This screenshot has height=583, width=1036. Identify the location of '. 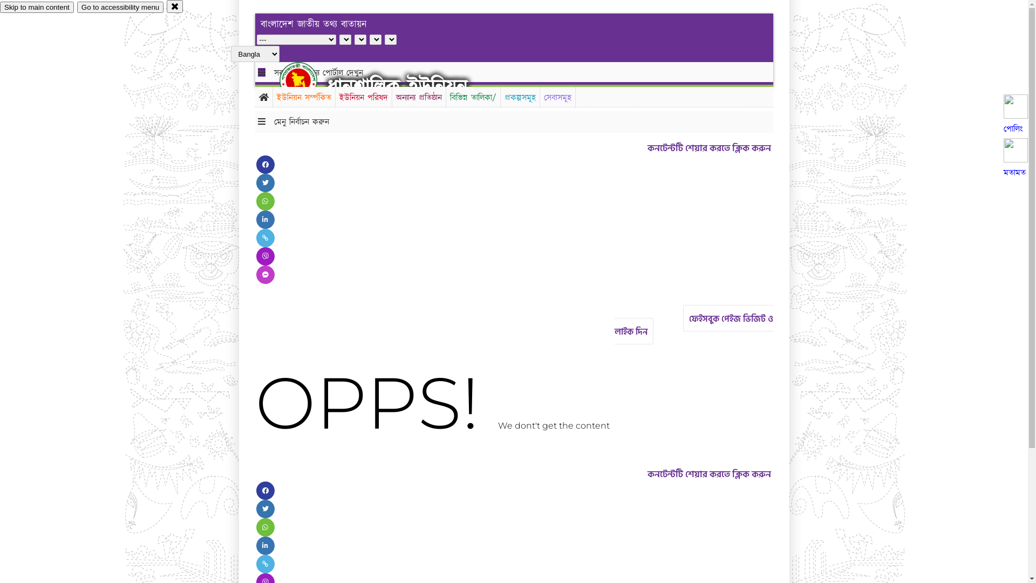
(307, 80).